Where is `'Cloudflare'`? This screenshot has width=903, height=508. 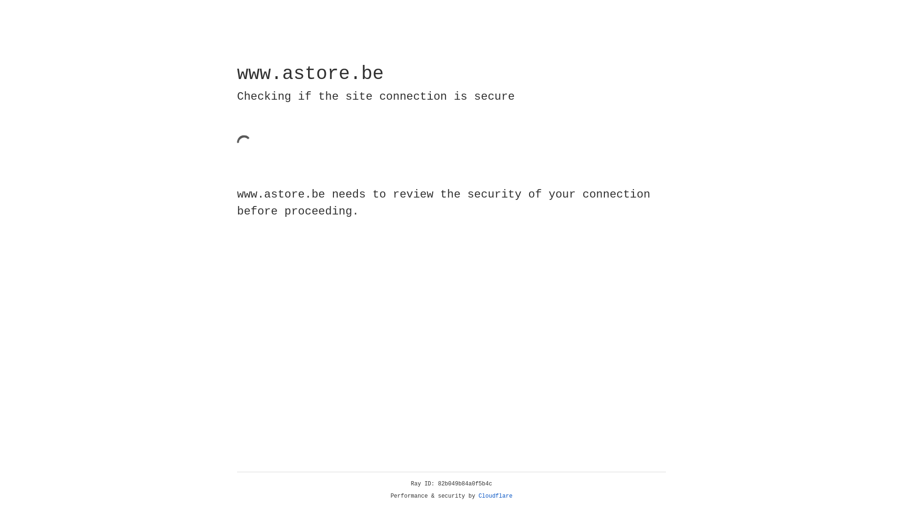
'Cloudflare' is located at coordinates (478, 496).